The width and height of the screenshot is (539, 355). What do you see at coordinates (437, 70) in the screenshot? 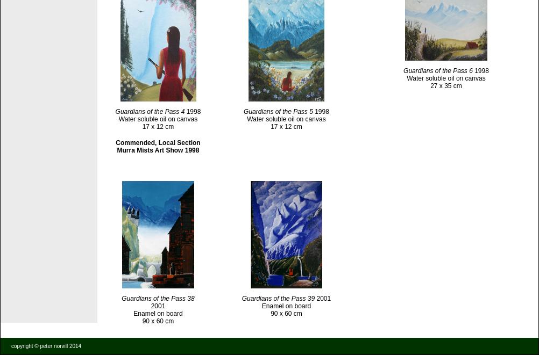
I see `'Guardians of the Pass 6'` at bounding box center [437, 70].